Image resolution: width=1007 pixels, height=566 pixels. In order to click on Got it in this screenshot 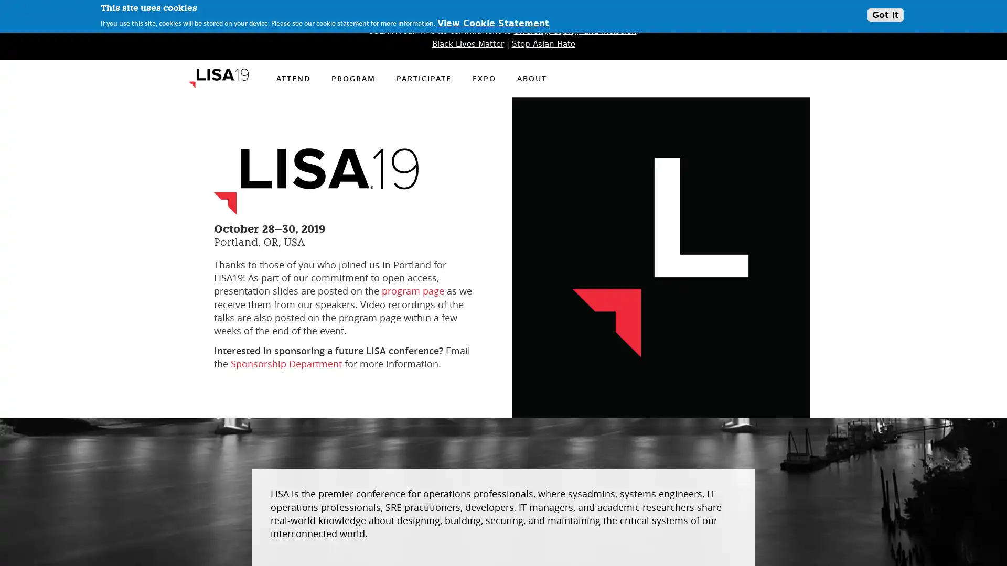, I will do `click(885, 15)`.